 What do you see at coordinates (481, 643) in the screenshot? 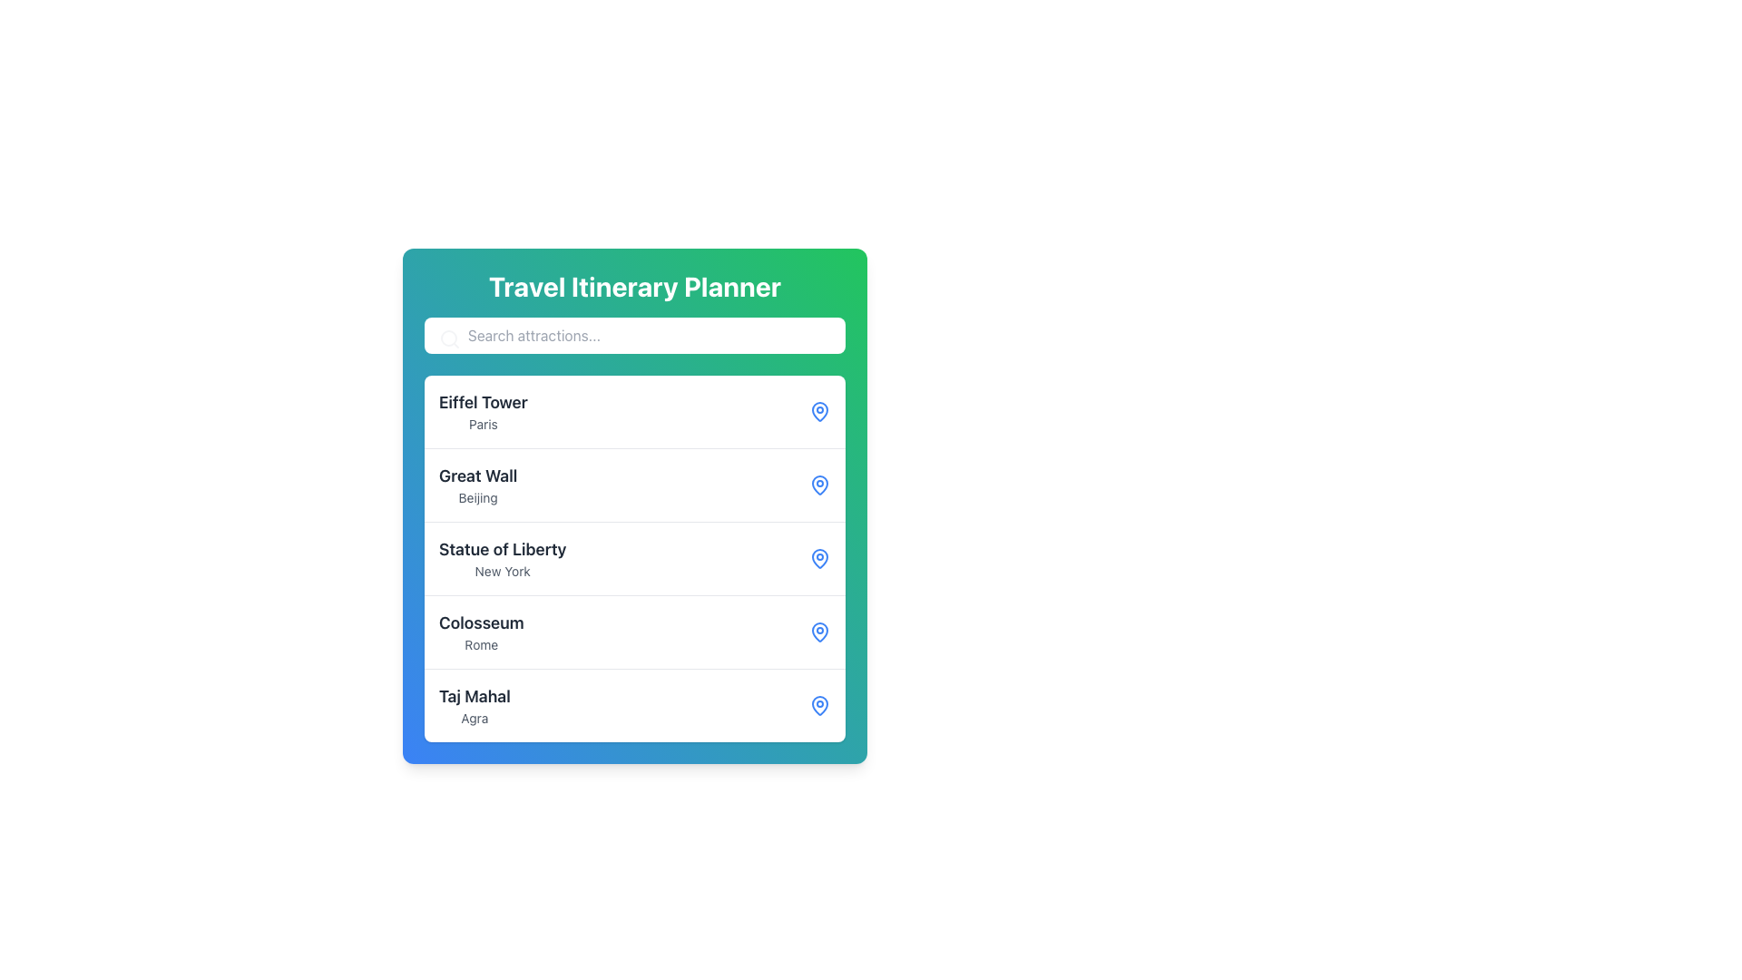
I see `the 'Colosseum' entry by using adjacent elements, specifically targeting the descriptive label that indicates its location in Rome` at bounding box center [481, 643].